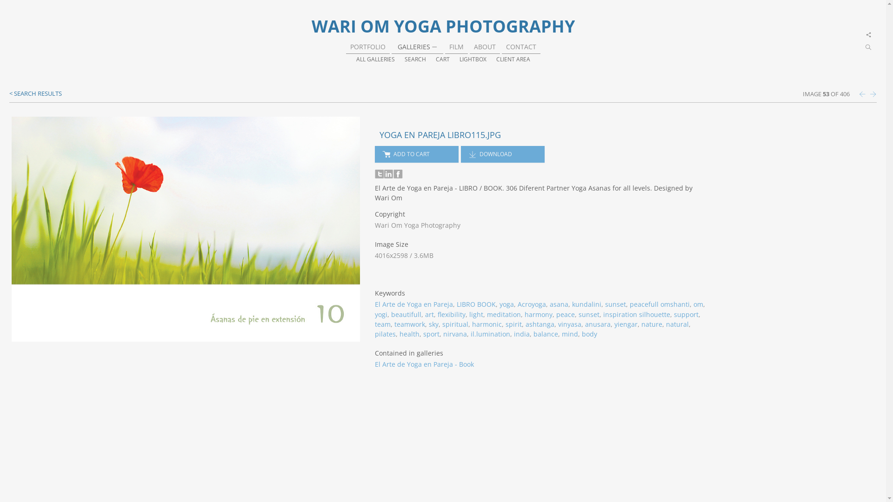  I want to click on 'balance', so click(533, 333).